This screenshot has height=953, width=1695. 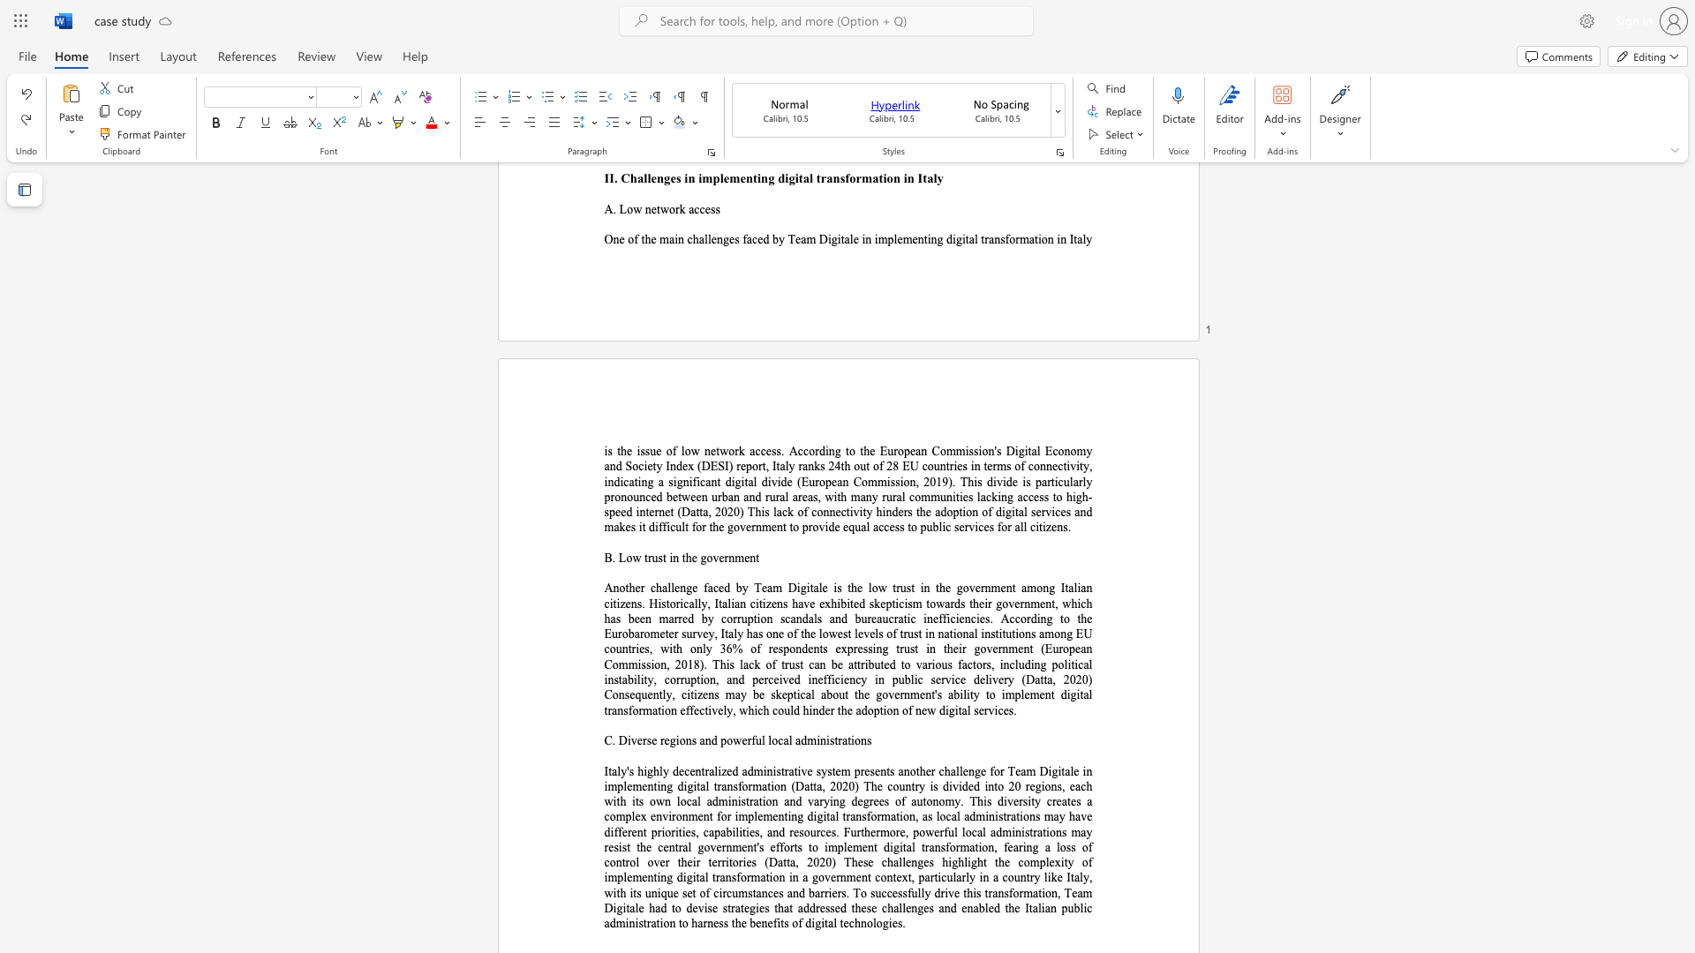 What do you see at coordinates (684, 558) in the screenshot?
I see `the subset text "he gover" within the text "B. Low trust in the government"` at bounding box center [684, 558].